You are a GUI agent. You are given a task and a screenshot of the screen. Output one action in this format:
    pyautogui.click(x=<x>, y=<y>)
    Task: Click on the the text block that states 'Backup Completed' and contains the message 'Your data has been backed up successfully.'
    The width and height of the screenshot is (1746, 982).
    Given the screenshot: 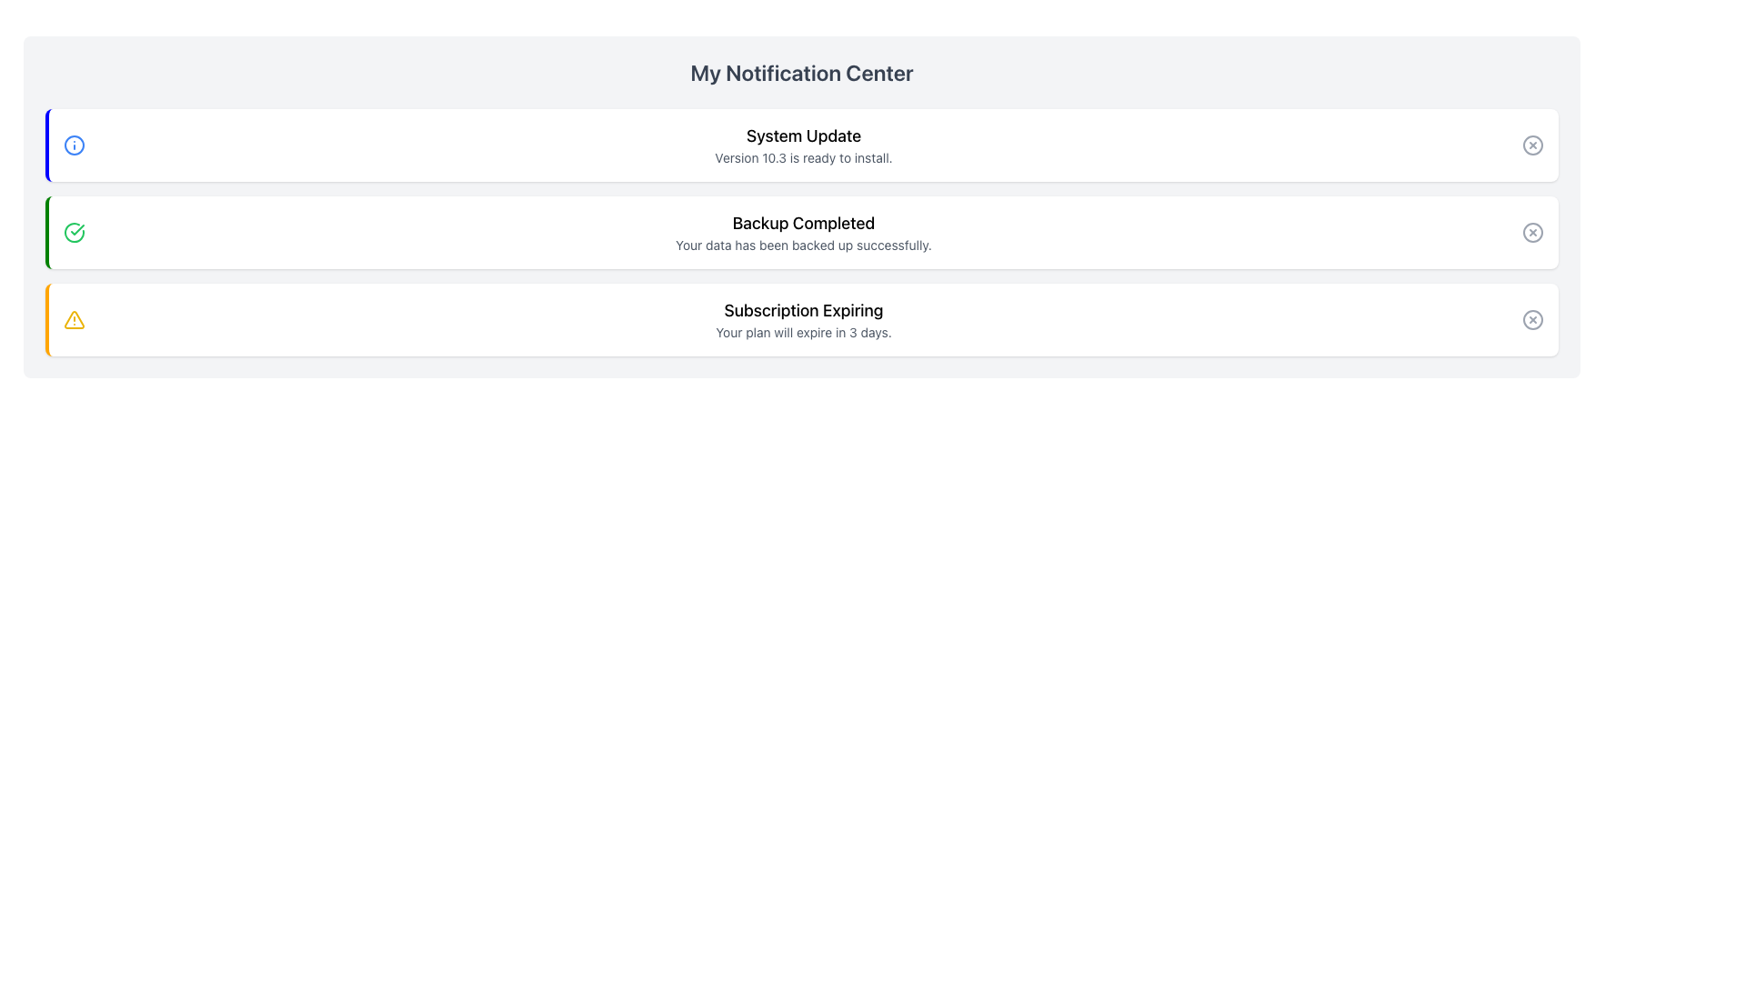 What is the action you would take?
    pyautogui.click(x=802, y=231)
    